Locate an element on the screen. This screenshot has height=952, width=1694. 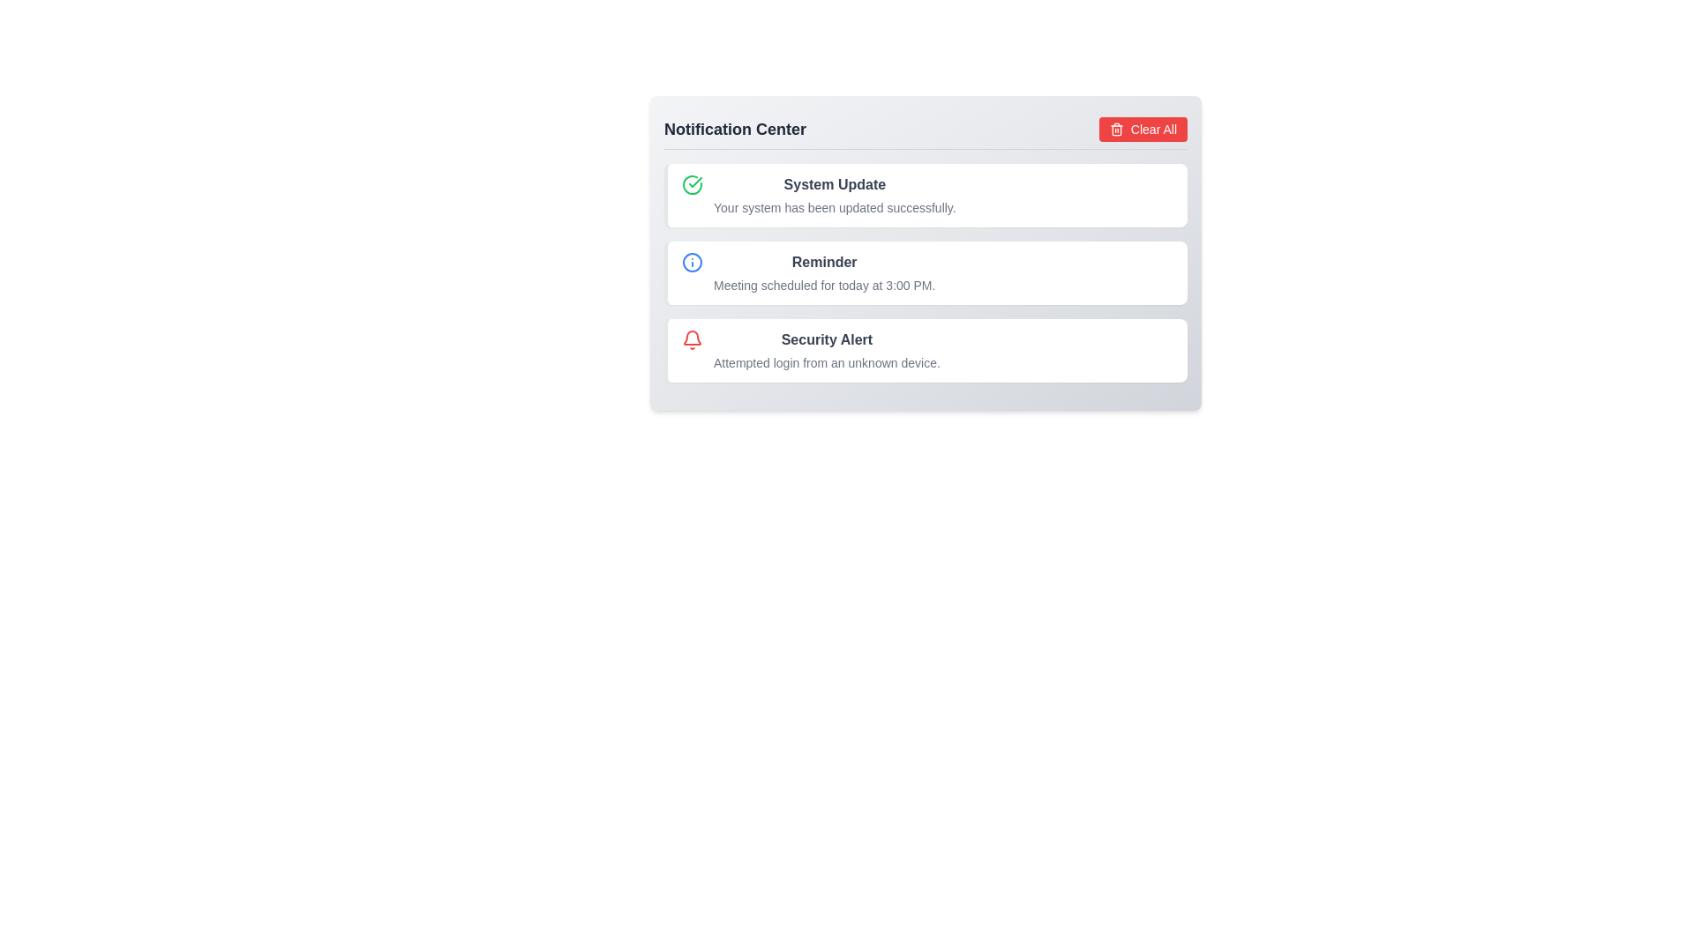
the textual message styled with a smaller font size and gray color located under the 'Security Alert' heading in the third notification card of the Notification Center panel is located at coordinates (826, 362).